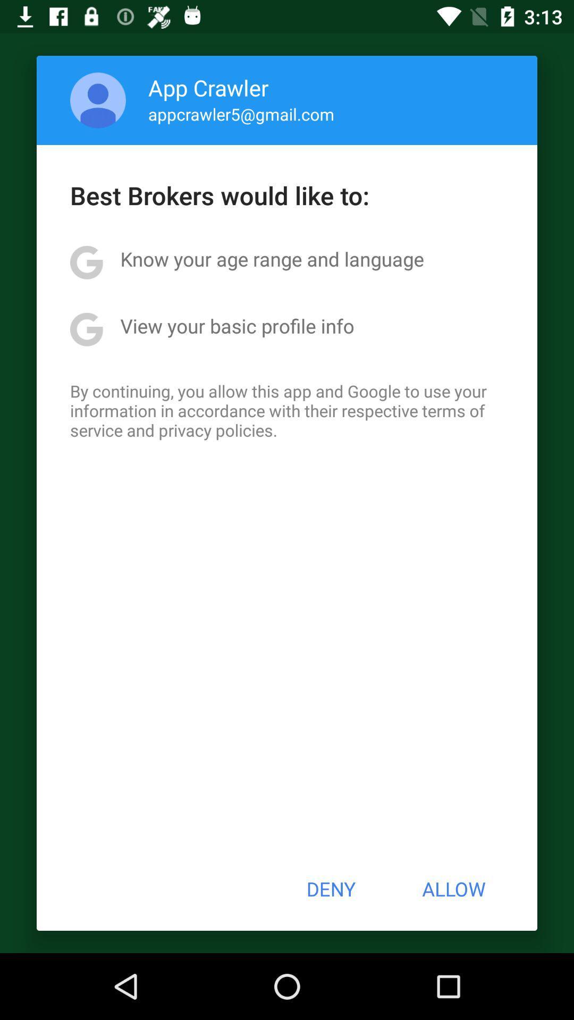 The width and height of the screenshot is (574, 1020). What do you see at coordinates (241, 114) in the screenshot?
I see `appcrawler5@gmail.com` at bounding box center [241, 114].